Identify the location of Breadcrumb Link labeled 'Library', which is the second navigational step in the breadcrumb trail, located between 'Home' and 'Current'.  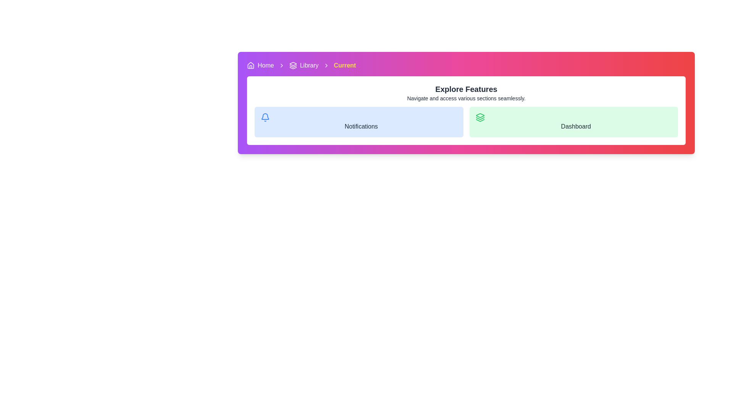
(304, 65).